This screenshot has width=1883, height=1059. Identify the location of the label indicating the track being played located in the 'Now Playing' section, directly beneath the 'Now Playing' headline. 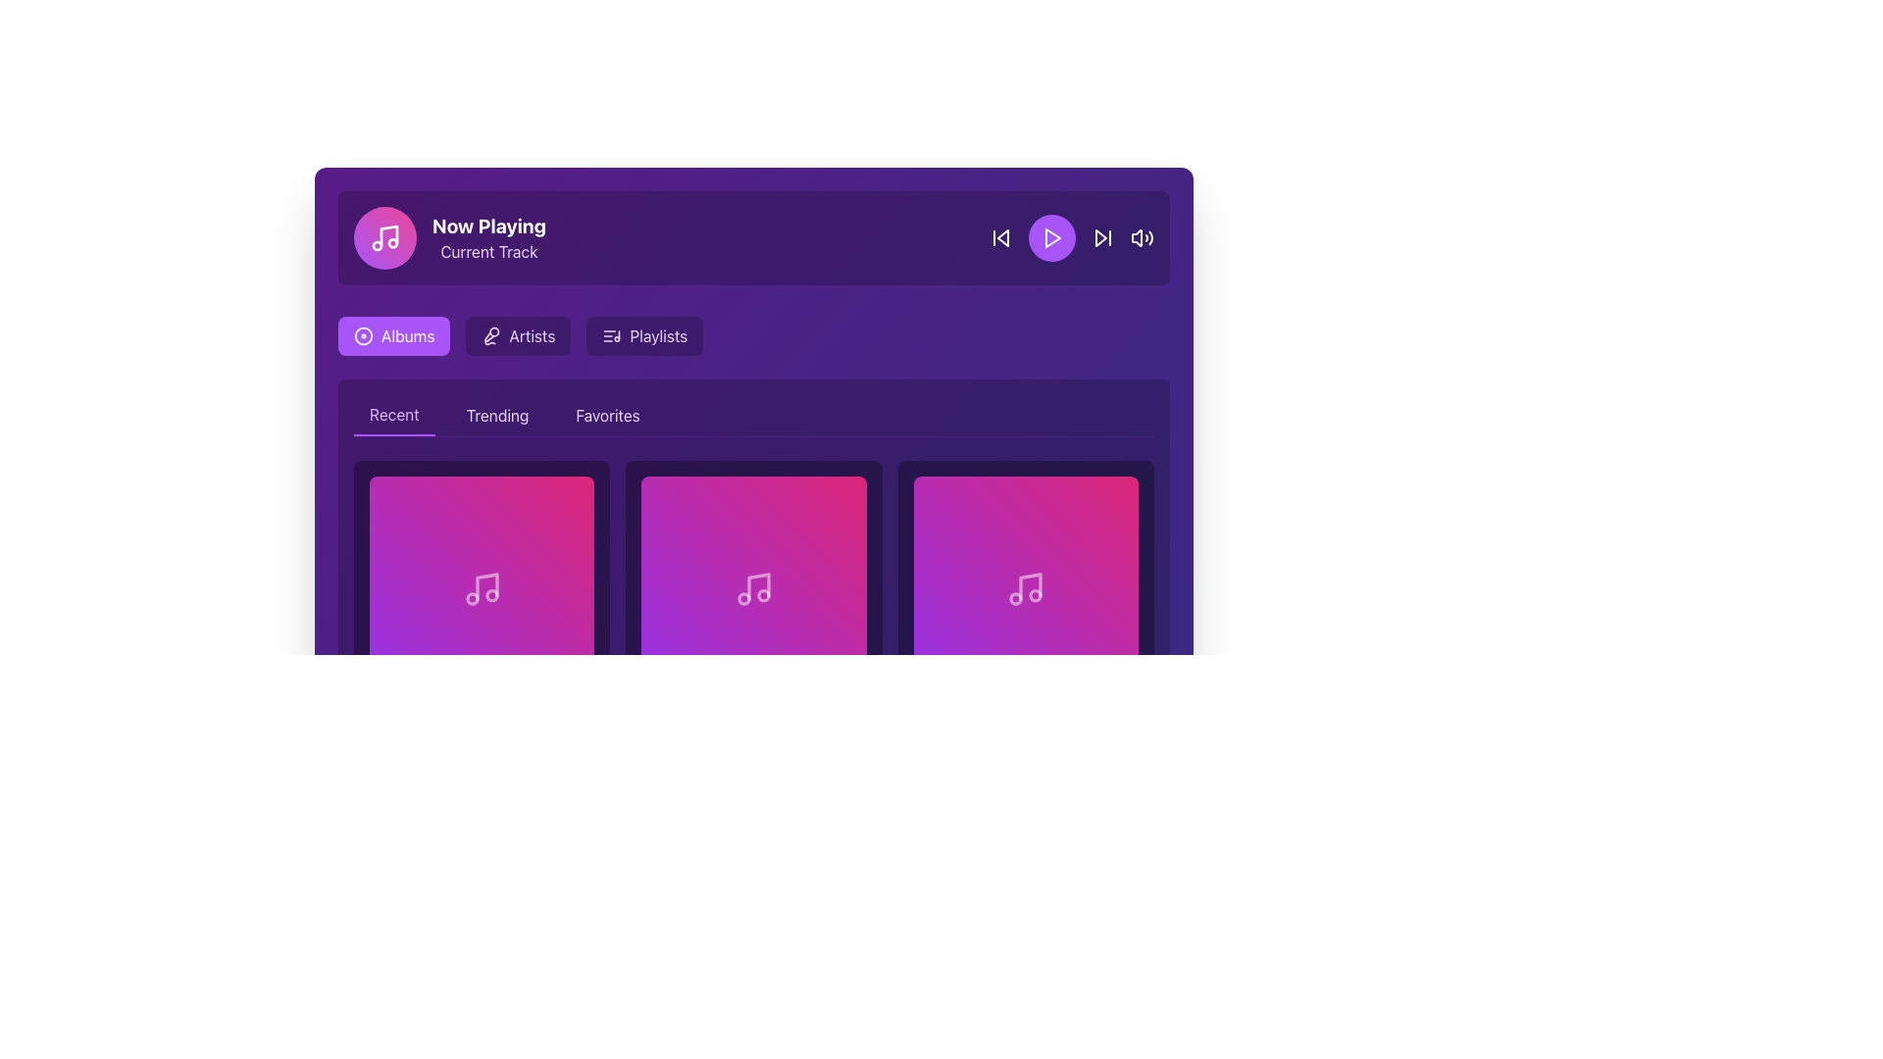
(489, 251).